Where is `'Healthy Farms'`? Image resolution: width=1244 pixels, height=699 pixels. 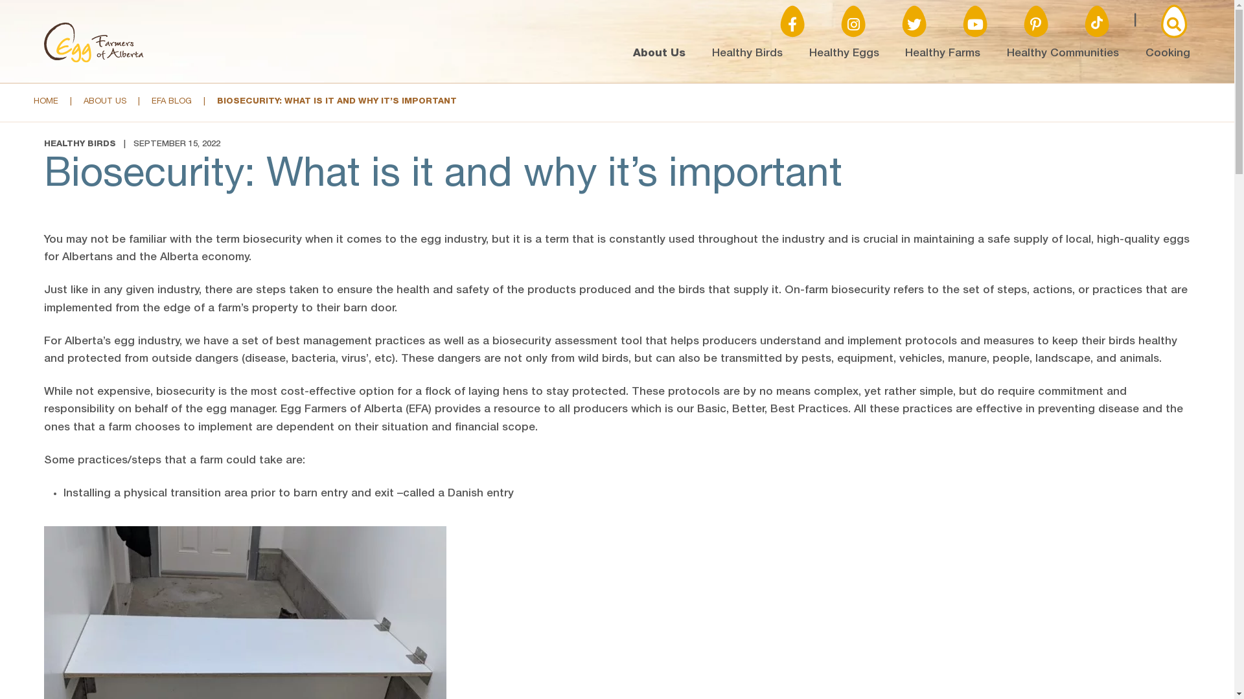
'Healthy Farms' is located at coordinates (942, 53).